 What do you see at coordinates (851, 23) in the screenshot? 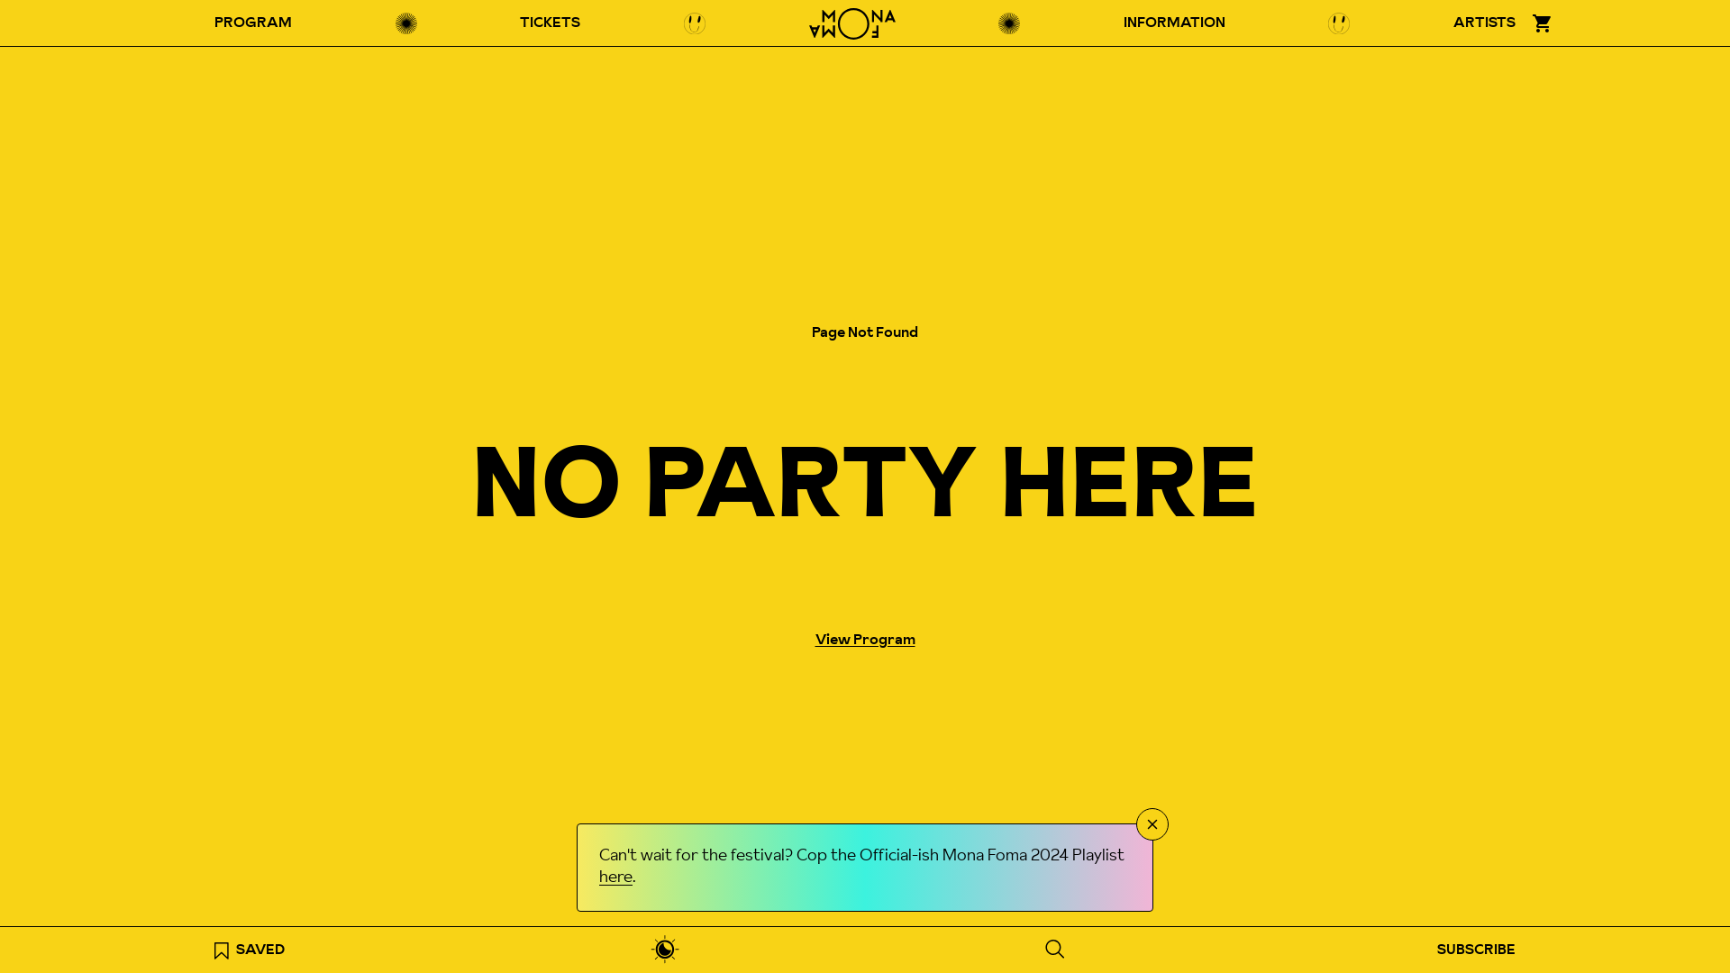
I see `'Mona Foma'` at bounding box center [851, 23].